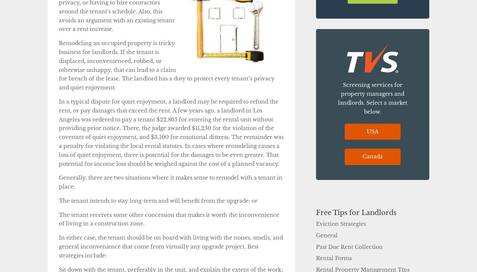  I want to click on 'In either case, the tenant should be on board with living with the noises, smells, and general inconvenience that come from virtually any upgrade project. Best strategies include:', so click(170, 246).